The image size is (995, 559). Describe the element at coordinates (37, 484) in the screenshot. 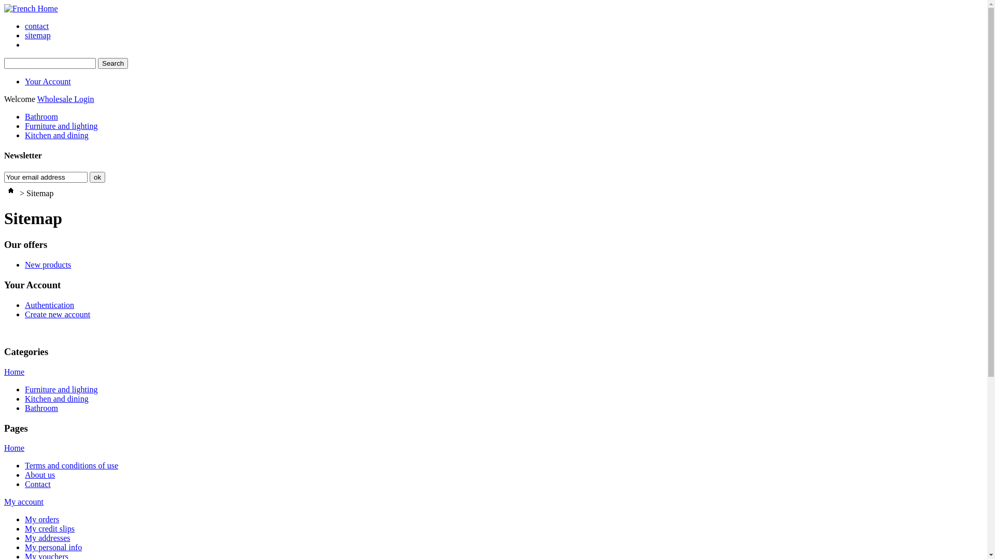

I see `'Contact'` at that location.